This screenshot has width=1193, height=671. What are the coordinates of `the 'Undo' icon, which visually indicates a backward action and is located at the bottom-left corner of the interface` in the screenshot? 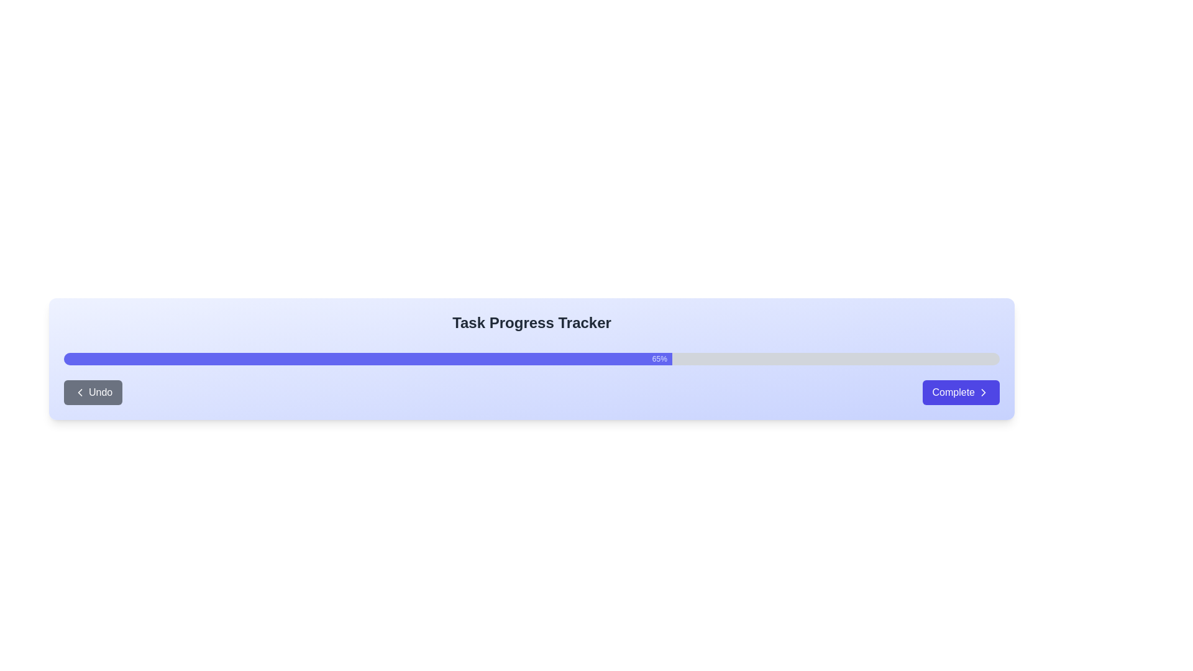 It's located at (80, 393).